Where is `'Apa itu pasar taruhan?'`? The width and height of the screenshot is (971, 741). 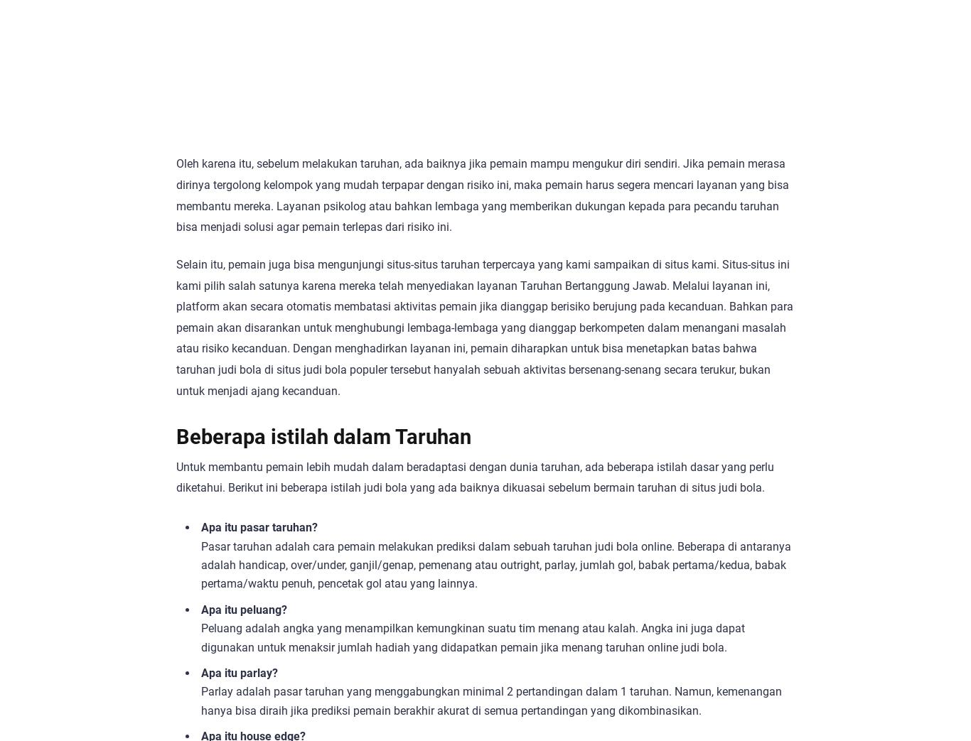 'Apa itu pasar taruhan?' is located at coordinates (258, 527).